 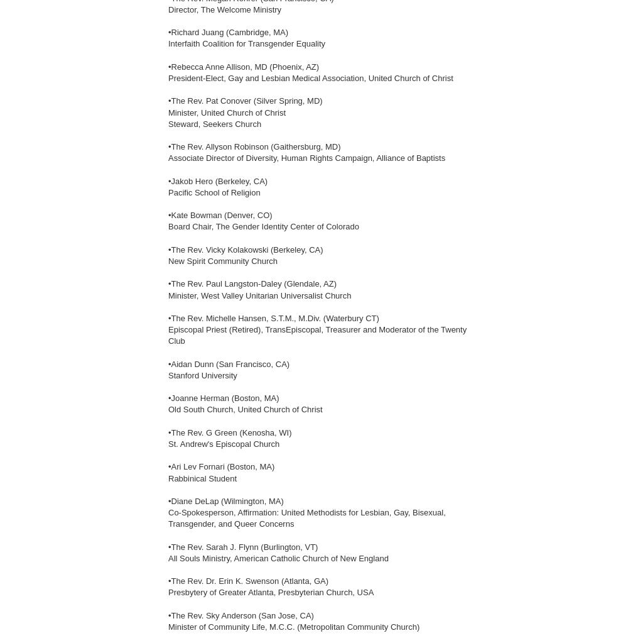 What do you see at coordinates (225, 500) in the screenshot?
I see `'•Diane DeLap (Wilmington, MA)'` at bounding box center [225, 500].